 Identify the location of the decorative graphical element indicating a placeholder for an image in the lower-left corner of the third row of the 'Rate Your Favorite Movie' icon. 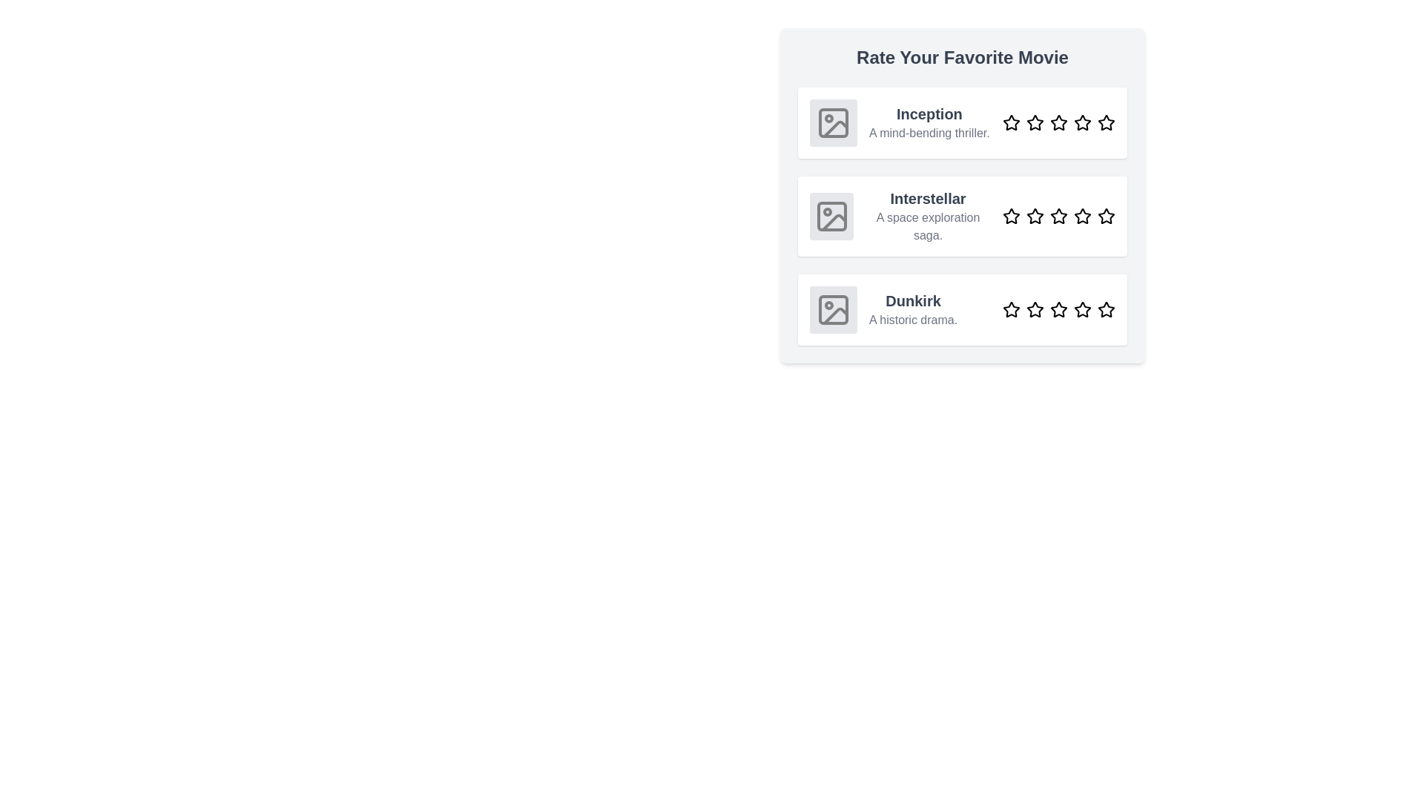
(833, 309).